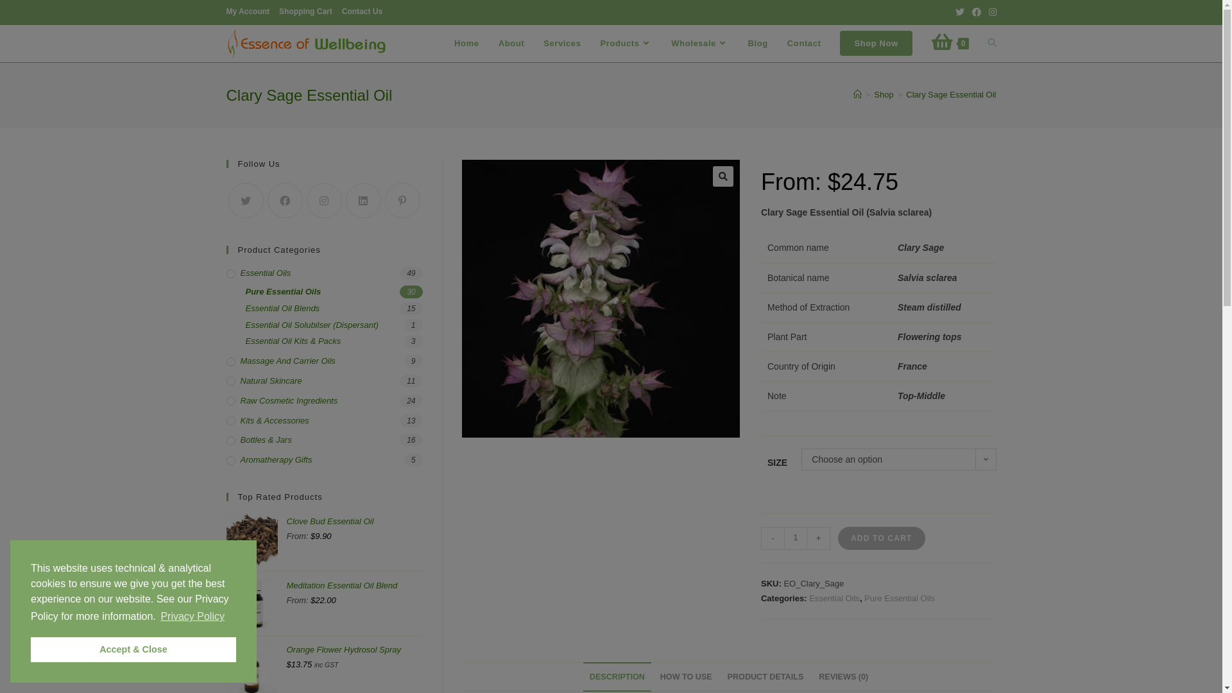 This screenshot has width=1232, height=693. Describe the element at coordinates (562, 43) in the screenshot. I see `'Services'` at that location.